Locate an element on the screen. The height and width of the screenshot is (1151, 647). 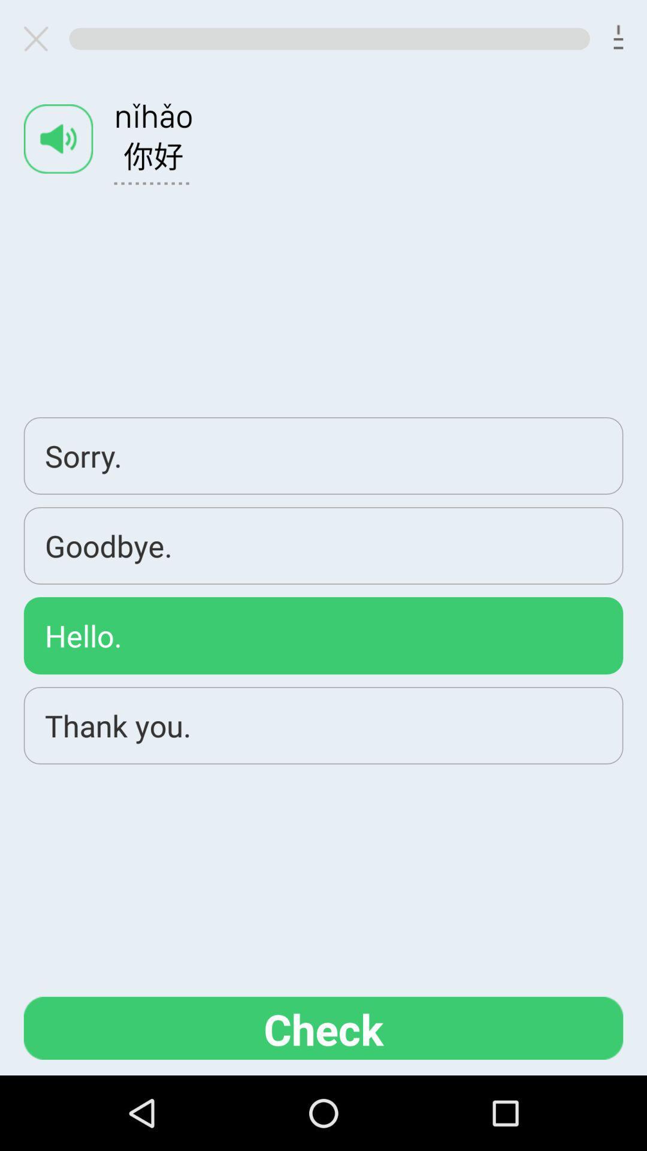
lesson is located at coordinates (40, 38).